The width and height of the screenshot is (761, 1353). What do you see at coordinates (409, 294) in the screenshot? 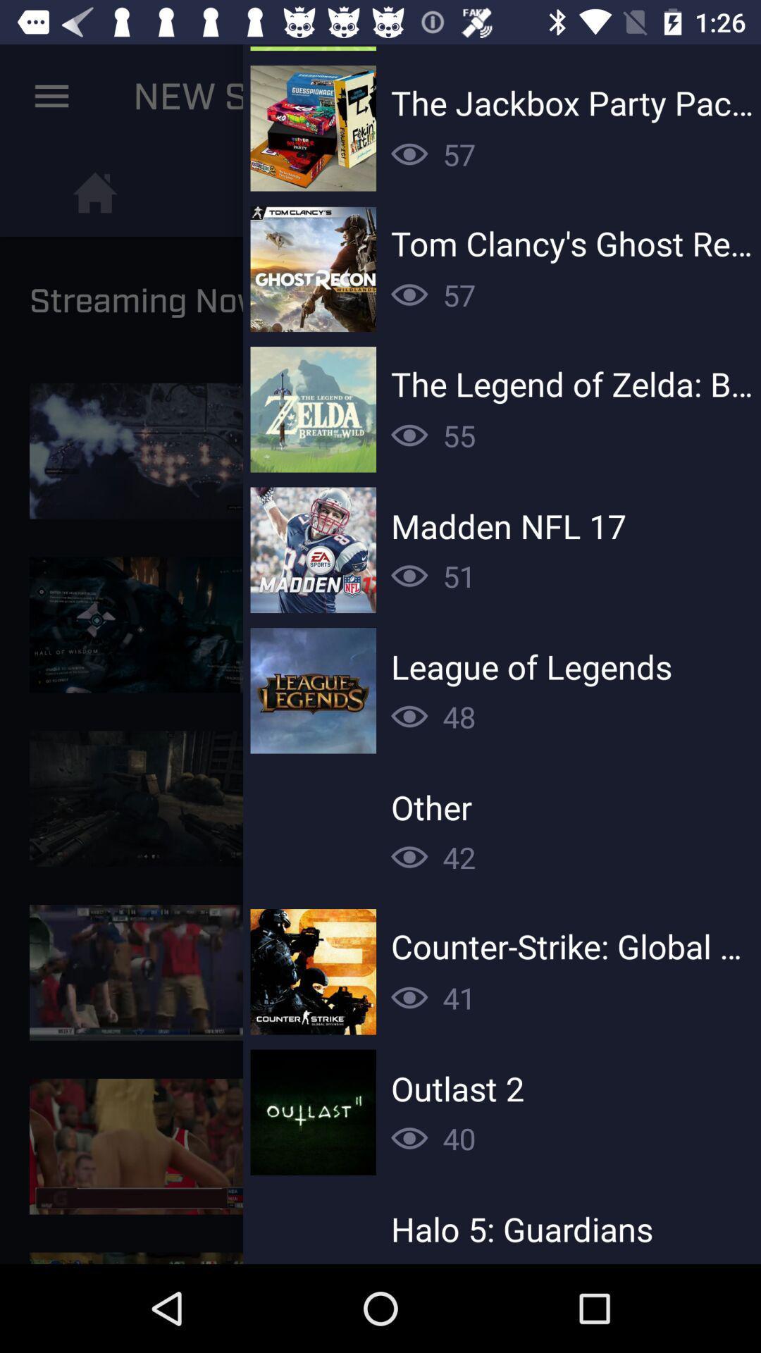
I see `views of second option` at bounding box center [409, 294].